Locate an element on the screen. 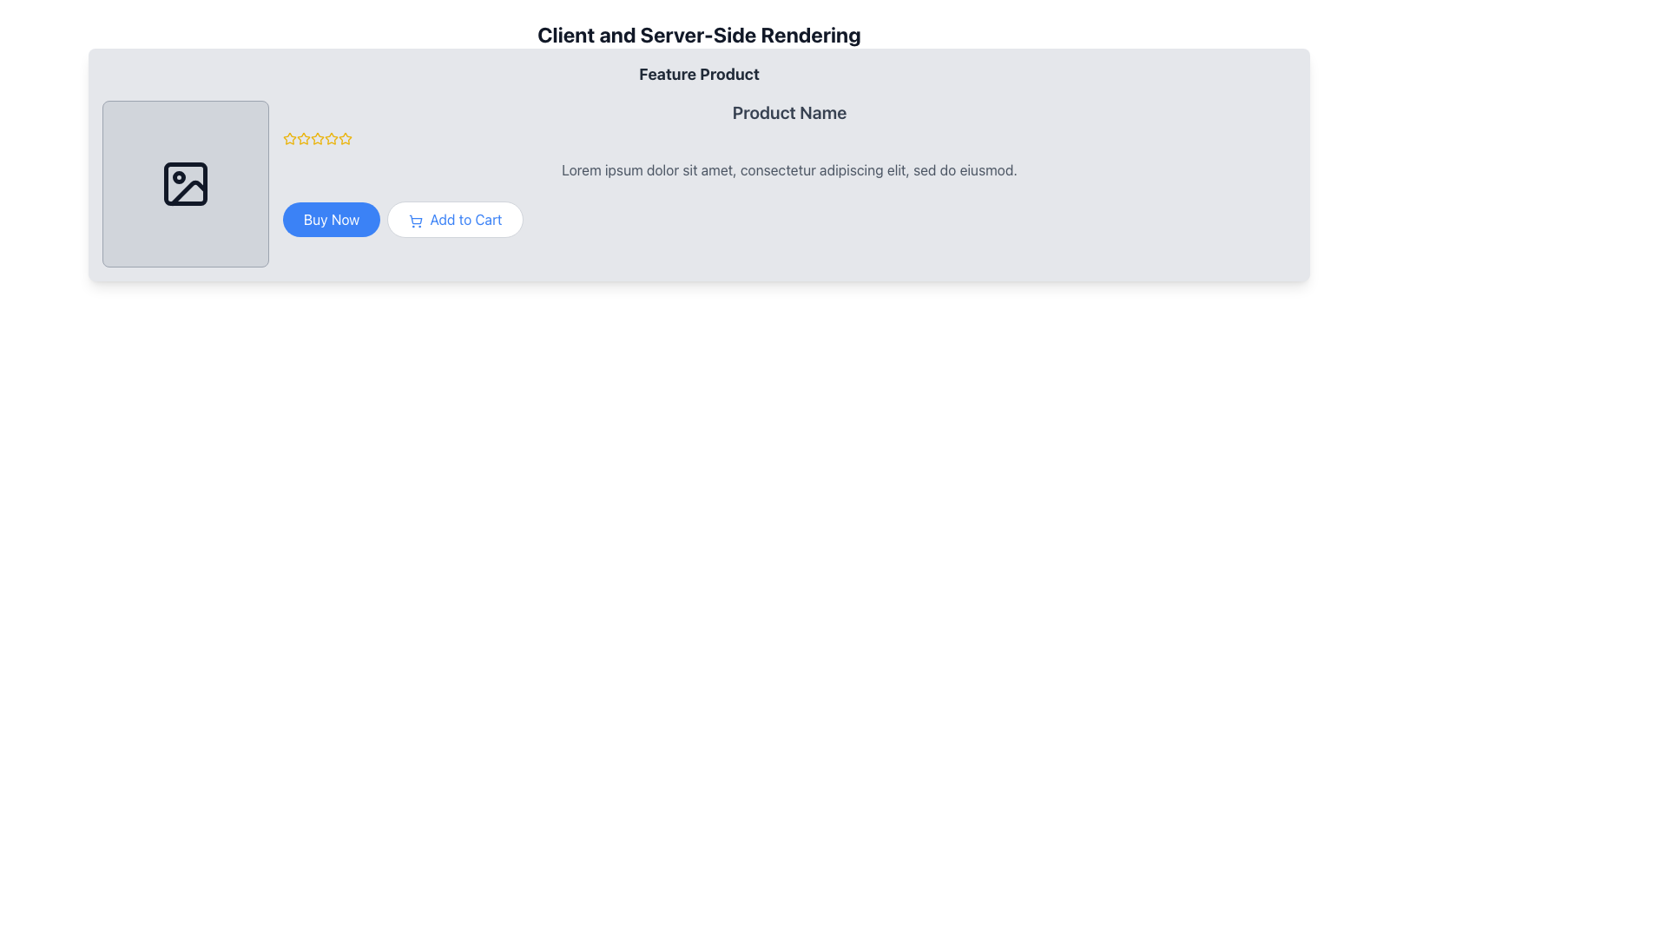  the fourth star icon in the rating system to rate the product or service is located at coordinates (317, 137).